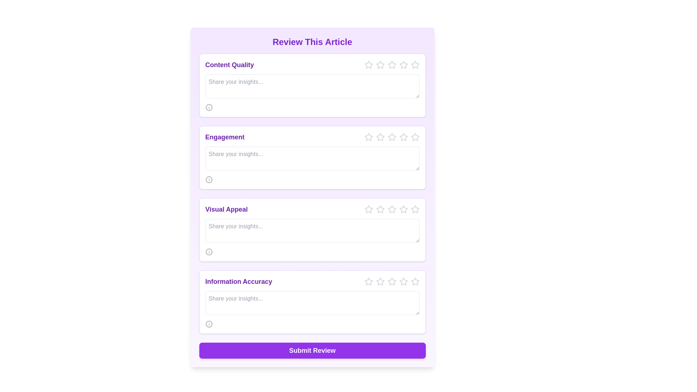  Describe the element at coordinates (368, 64) in the screenshot. I see `the first gray, hollow star icon in the horizontal row under the 'Content Quality' heading` at that location.